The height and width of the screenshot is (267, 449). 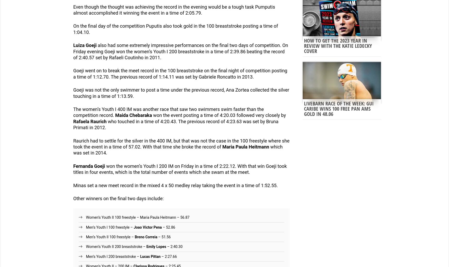 What do you see at coordinates (73, 124) in the screenshot?
I see `'who touched in a time of 4:20.43. The previous record of 4:23.63 was set by Bruna Primati in 2012.'` at bounding box center [73, 124].